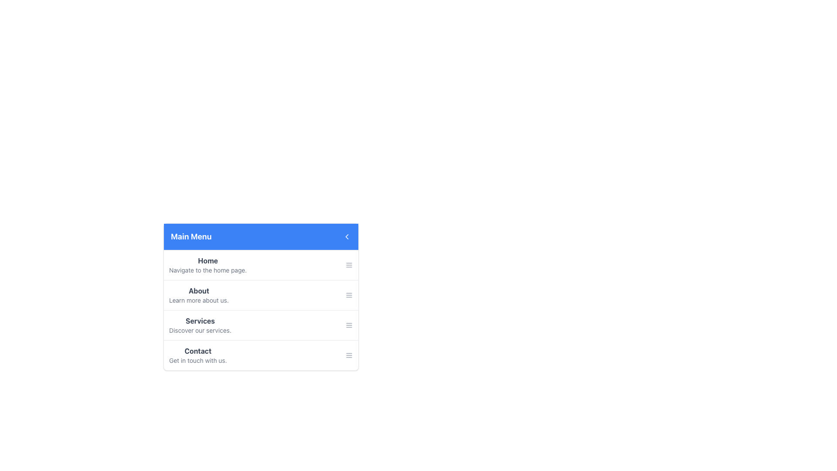 Image resolution: width=837 pixels, height=471 pixels. What do you see at coordinates (349, 325) in the screenshot?
I see `the interactive icon located to the right of the 'Services' text in the menu list` at bounding box center [349, 325].